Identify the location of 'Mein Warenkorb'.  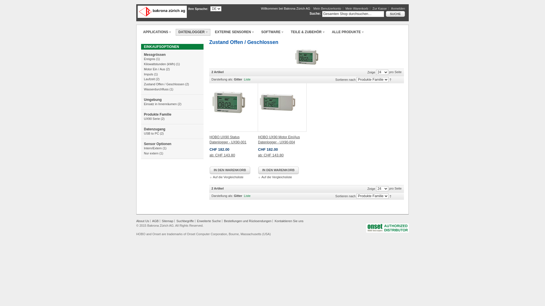
(357, 8).